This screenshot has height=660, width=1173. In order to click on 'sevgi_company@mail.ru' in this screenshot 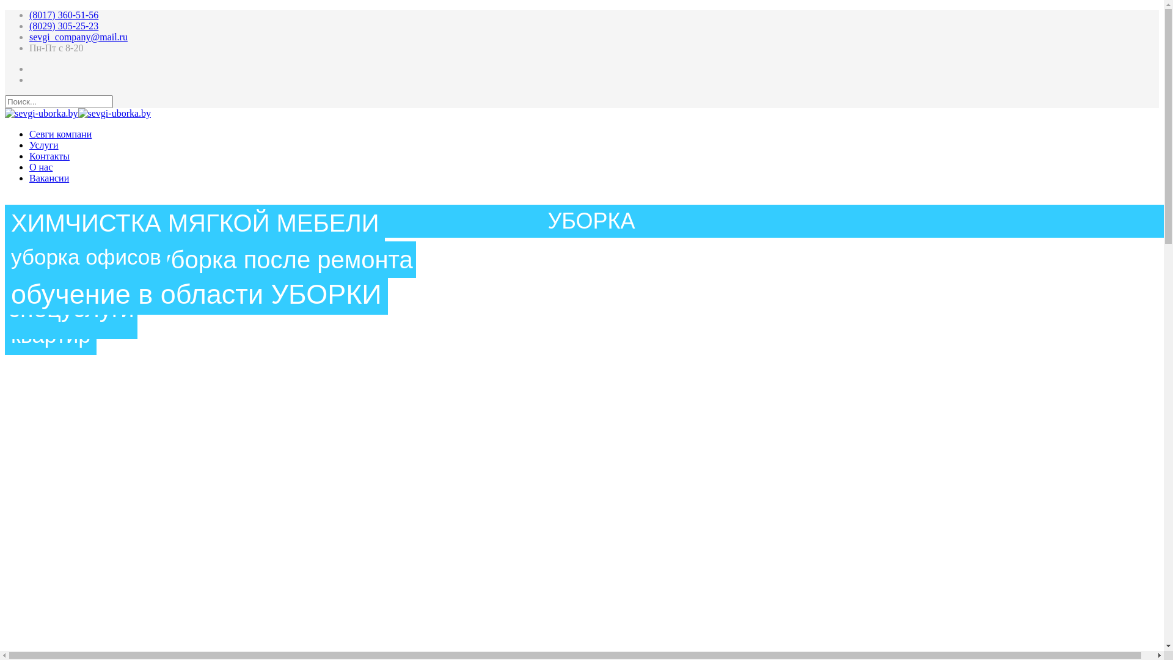, I will do `click(78, 36)`.